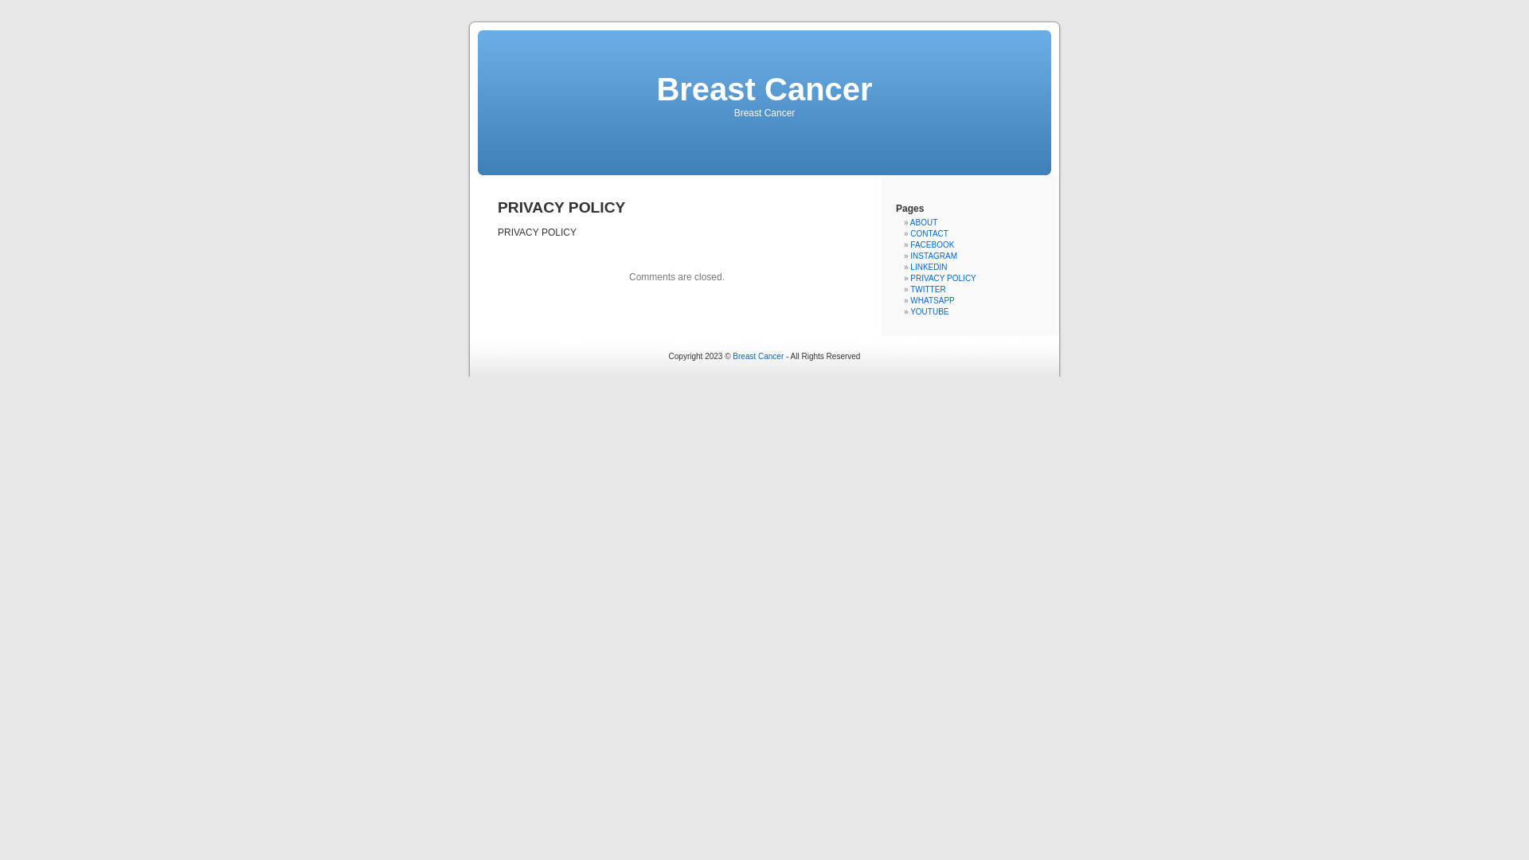 The image size is (1529, 860). I want to click on 'PRIVACY POLICY', so click(943, 277).